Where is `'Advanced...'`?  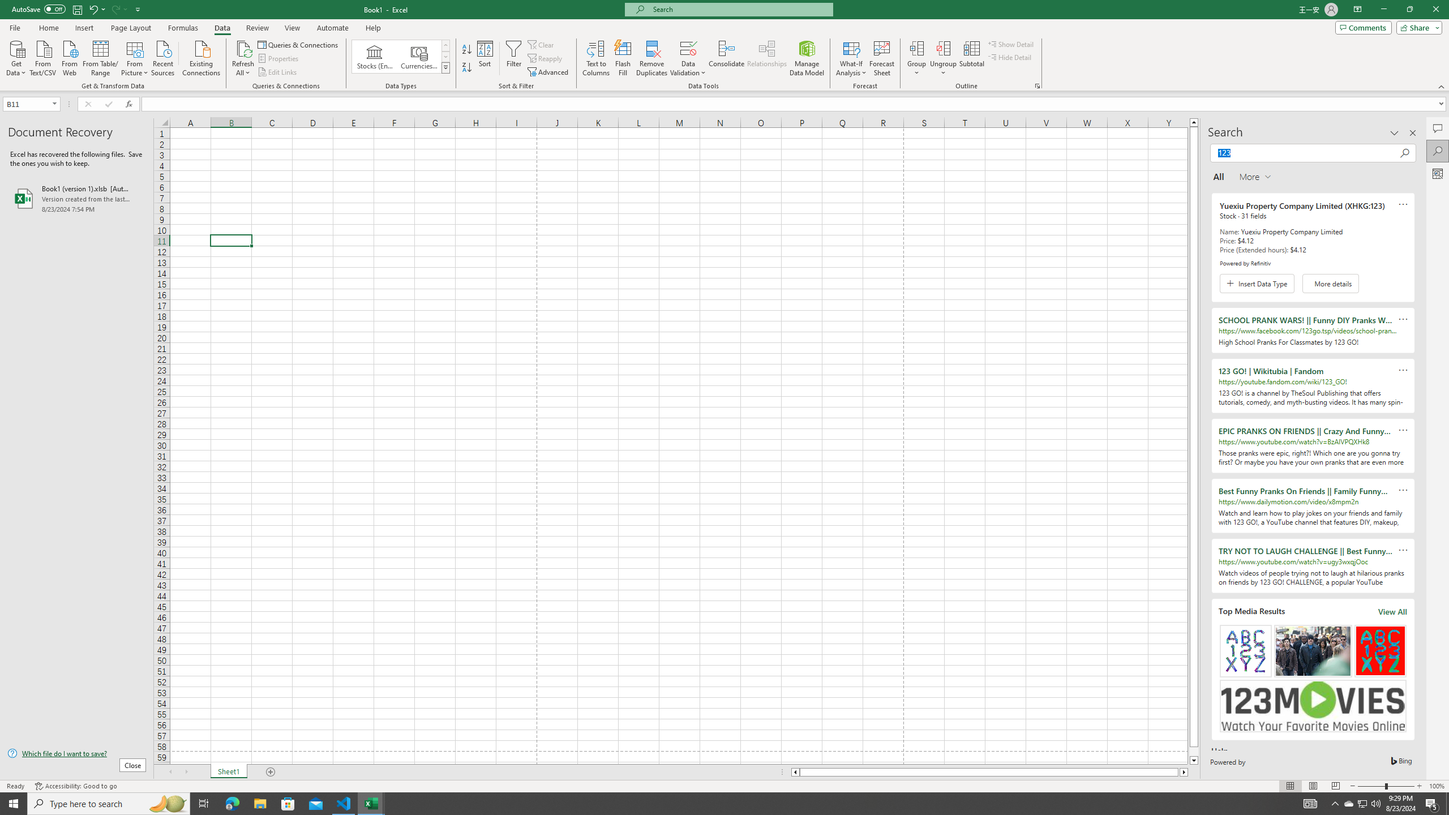 'Advanced...' is located at coordinates (549, 72).